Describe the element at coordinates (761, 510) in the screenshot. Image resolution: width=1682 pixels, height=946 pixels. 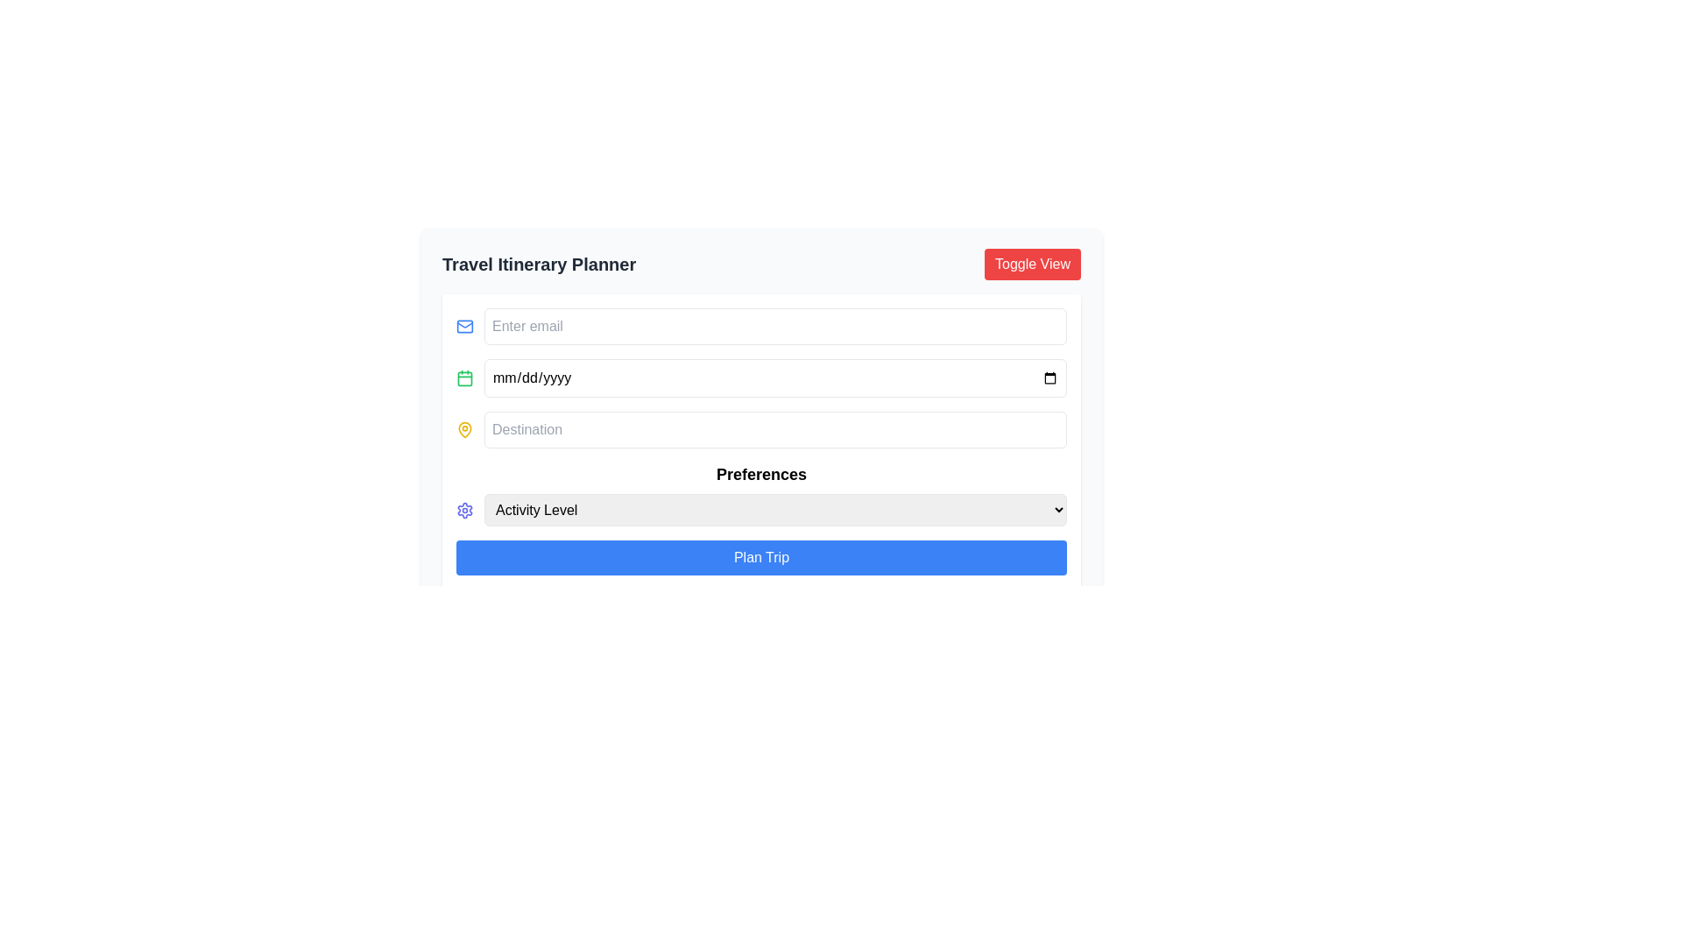
I see `an option from the 'Activity Level' dropdown menu, which is the second item under the 'Preferences' section, located below the 'Travel Itinerary Planner' header` at that location.